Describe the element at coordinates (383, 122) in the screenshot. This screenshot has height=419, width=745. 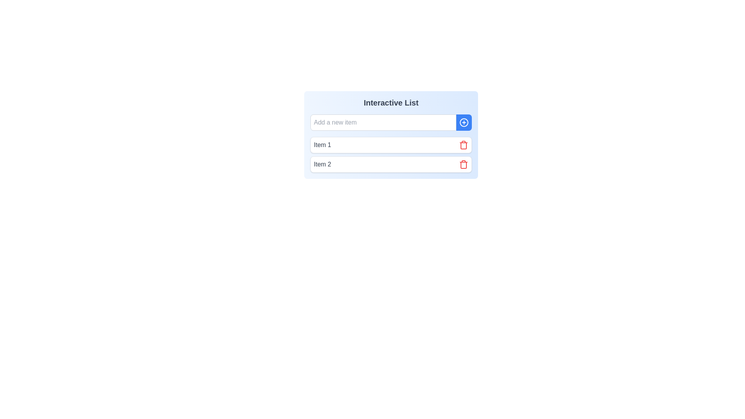
I see `the input field to focus on it` at that location.